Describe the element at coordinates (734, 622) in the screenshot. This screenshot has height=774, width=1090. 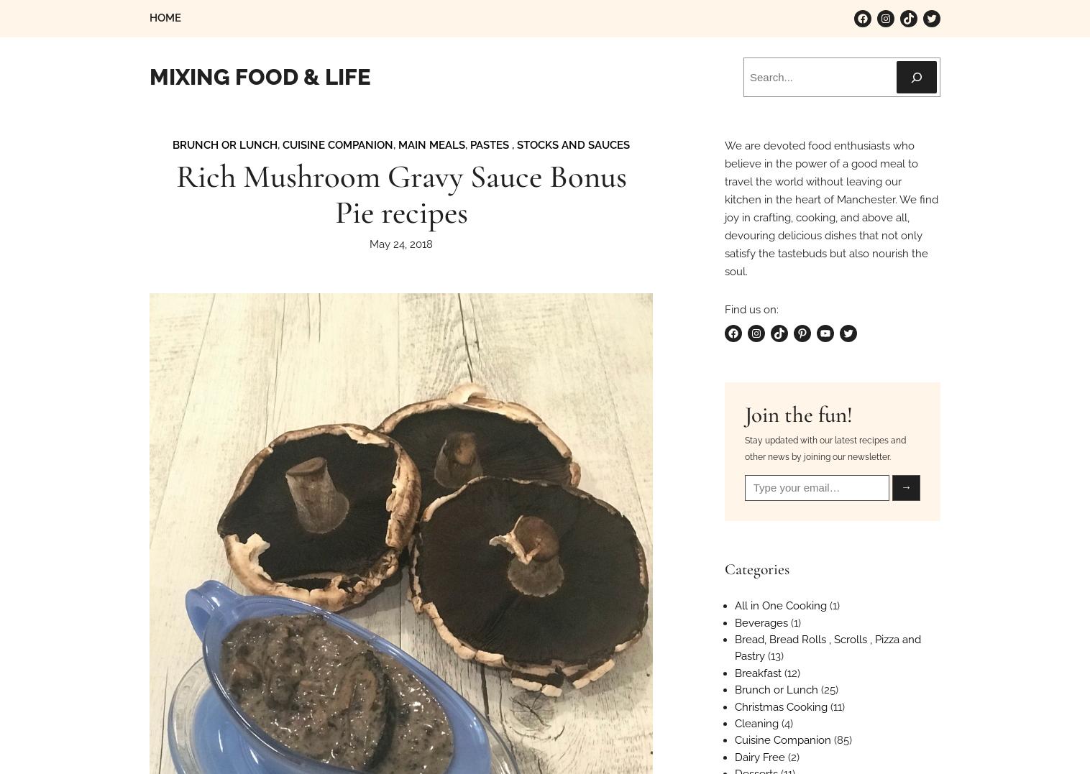
I see `'Beverages'` at that location.